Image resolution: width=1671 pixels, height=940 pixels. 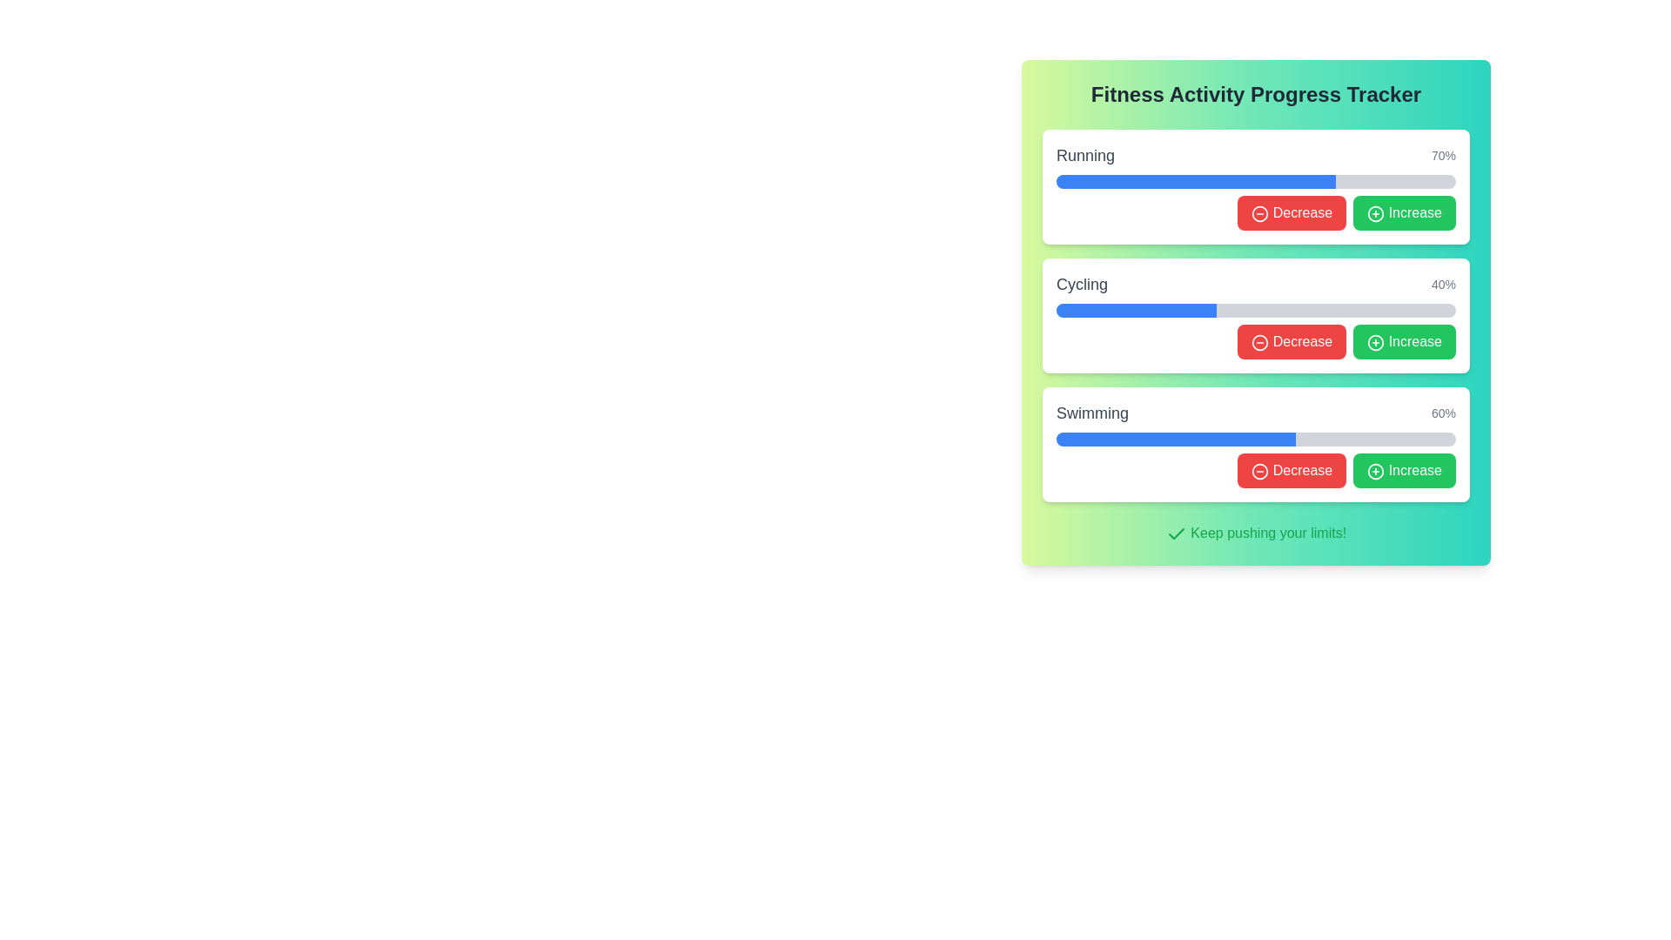 I want to click on the progress bar indicating 60% completion of the 'Swimming' activity, located between the 'Cycling' activity and the motivational message below, so click(x=1176, y=439).